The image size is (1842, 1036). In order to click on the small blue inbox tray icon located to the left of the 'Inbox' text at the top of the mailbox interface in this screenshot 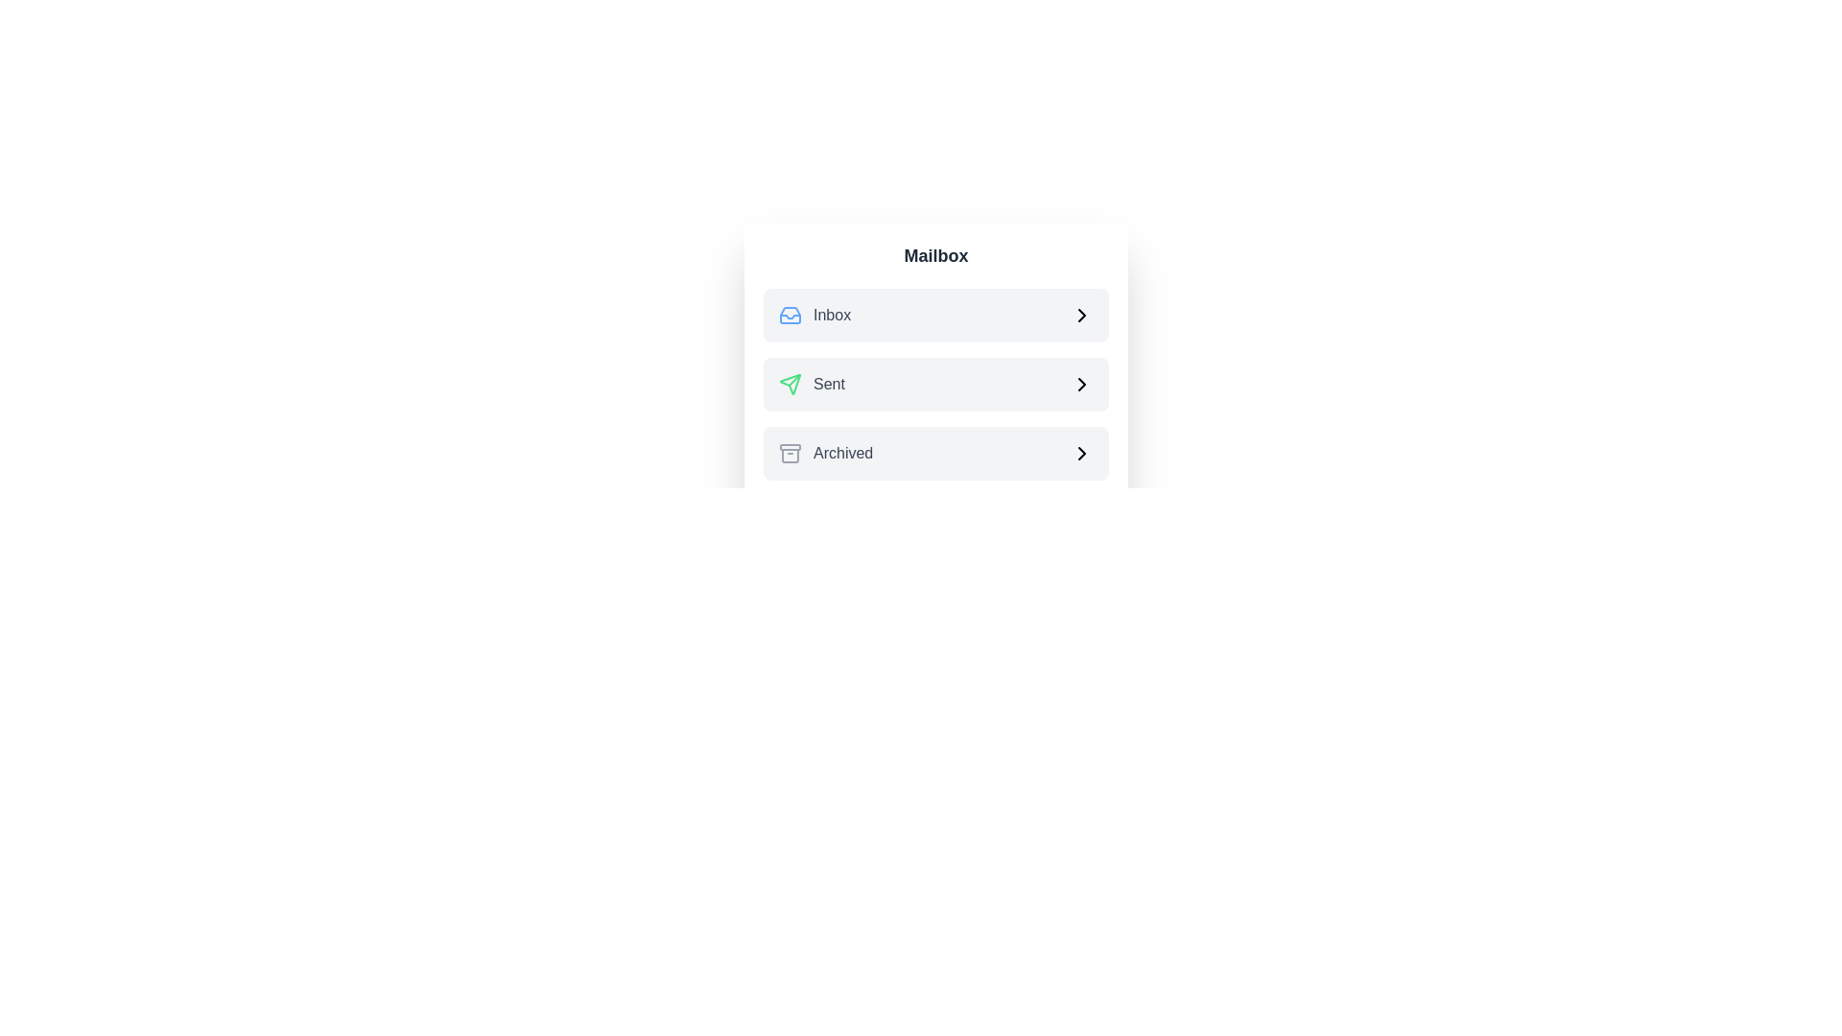, I will do `click(791, 314)`.